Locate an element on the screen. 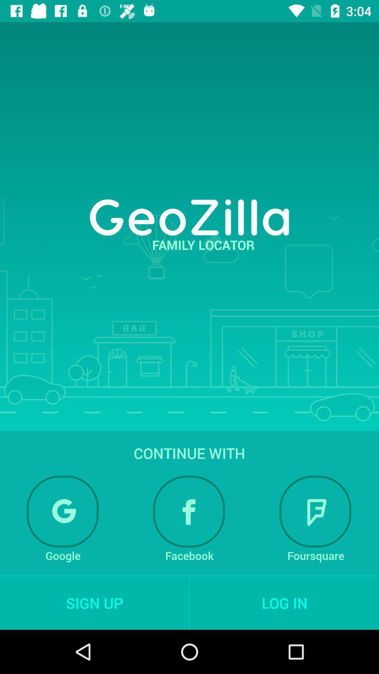 The width and height of the screenshot is (379, 674). log in with google account is located at coordinates (62, 511).